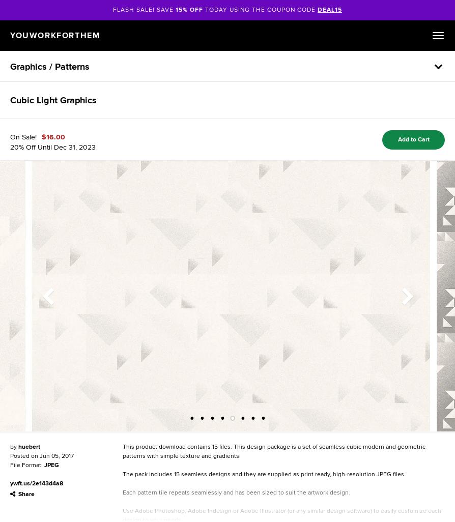  I want to click on 'On Sale!', so click(10, 136).